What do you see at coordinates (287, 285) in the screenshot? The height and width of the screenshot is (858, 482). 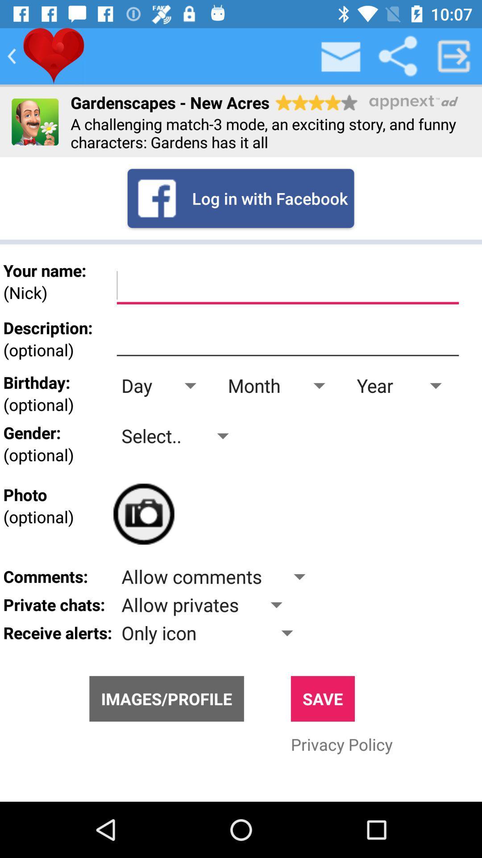 I see `name field` at bounding box center [287, 285].